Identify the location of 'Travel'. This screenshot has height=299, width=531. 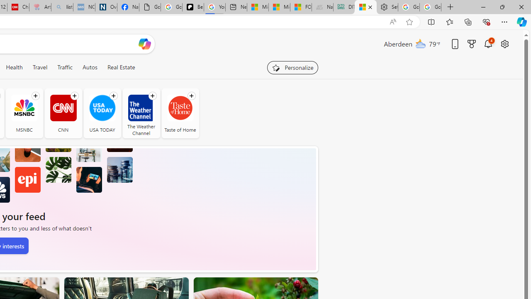
(39, 67).